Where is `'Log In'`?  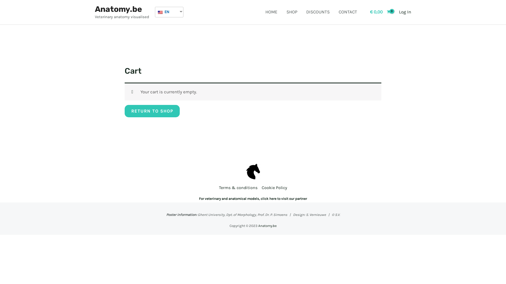
'Log In' is located at coordinates (399, 12).